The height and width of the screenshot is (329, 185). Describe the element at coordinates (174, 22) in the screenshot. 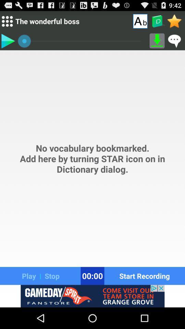

I see `the star icon` at that location.